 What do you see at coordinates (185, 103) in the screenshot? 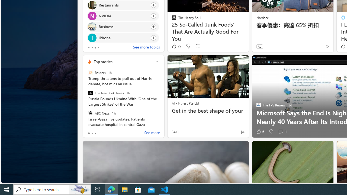
I see `'ATP Fitness Pte Ltd'` at bounding box center [185, 103].